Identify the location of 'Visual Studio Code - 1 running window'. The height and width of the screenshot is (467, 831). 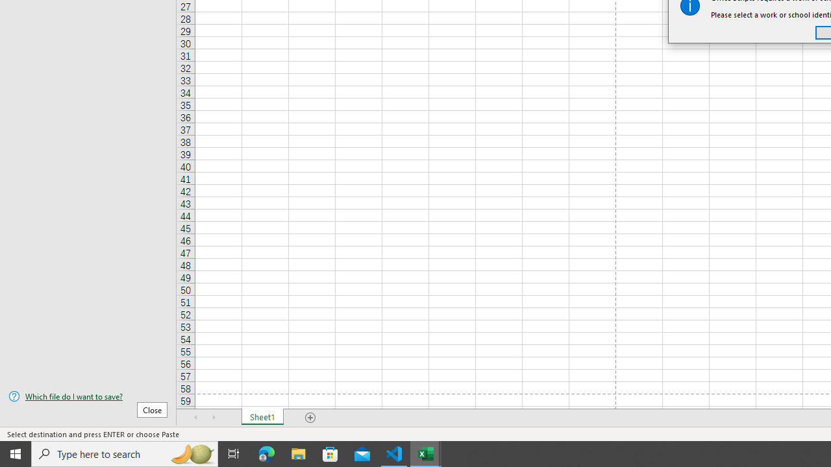
(393, 453).